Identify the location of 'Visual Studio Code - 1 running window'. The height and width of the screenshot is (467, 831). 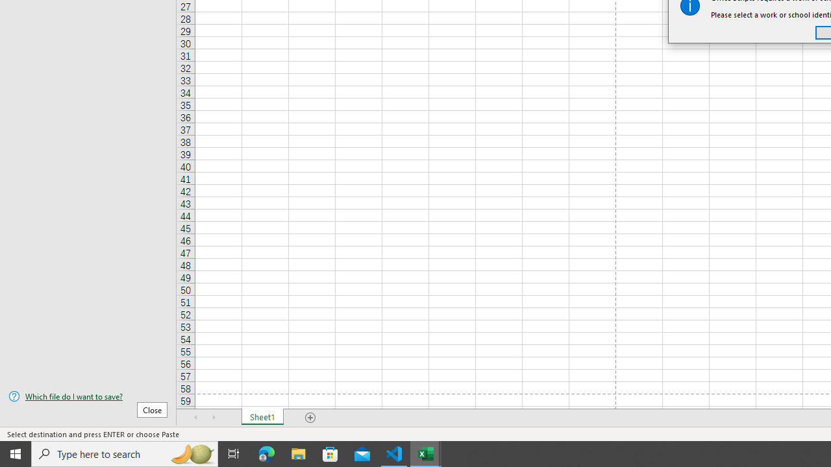
(393, 453).